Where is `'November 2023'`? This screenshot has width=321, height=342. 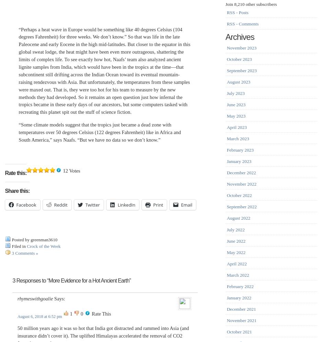 'November 2023' is located at coordinates (227, 47).